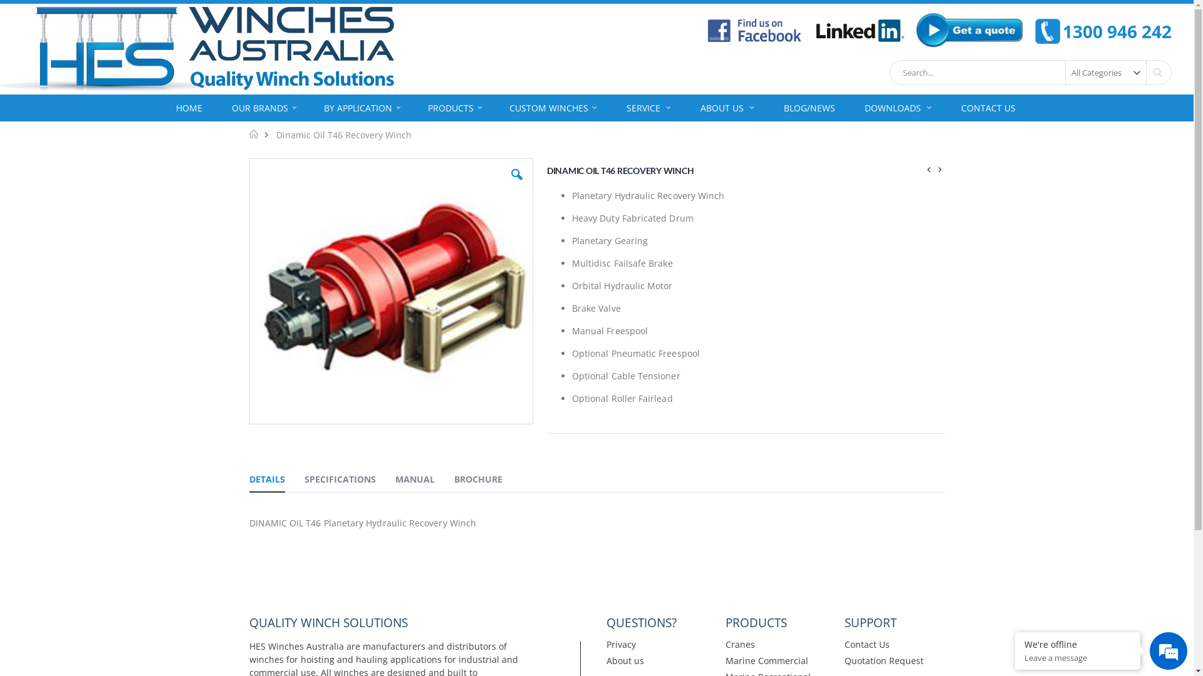 This screenshot has width=1203, height=676. I want to click on 'DOWNLOADS', so click(897, 107).